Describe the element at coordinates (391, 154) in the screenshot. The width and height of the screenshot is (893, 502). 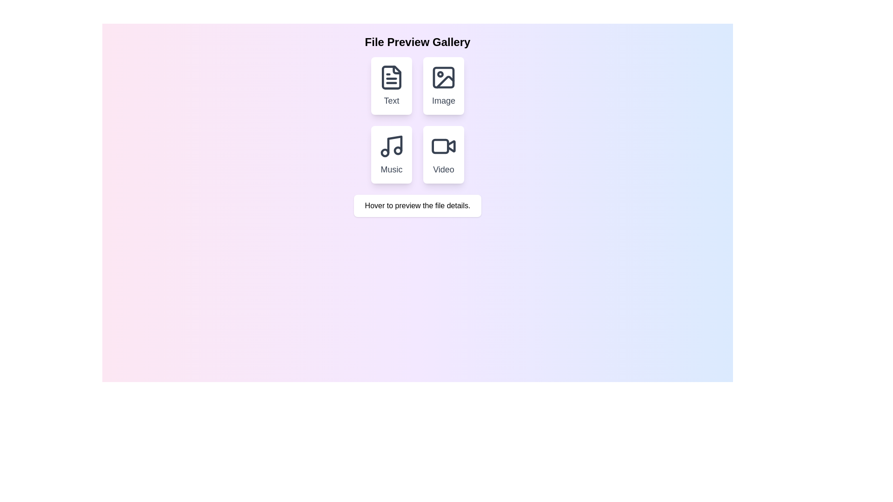
I see `the 'Music' button which has a white background, rounded corners, and an icon resembling a musical note above the text label 'Music' to apply a visual scale transform` at that location.